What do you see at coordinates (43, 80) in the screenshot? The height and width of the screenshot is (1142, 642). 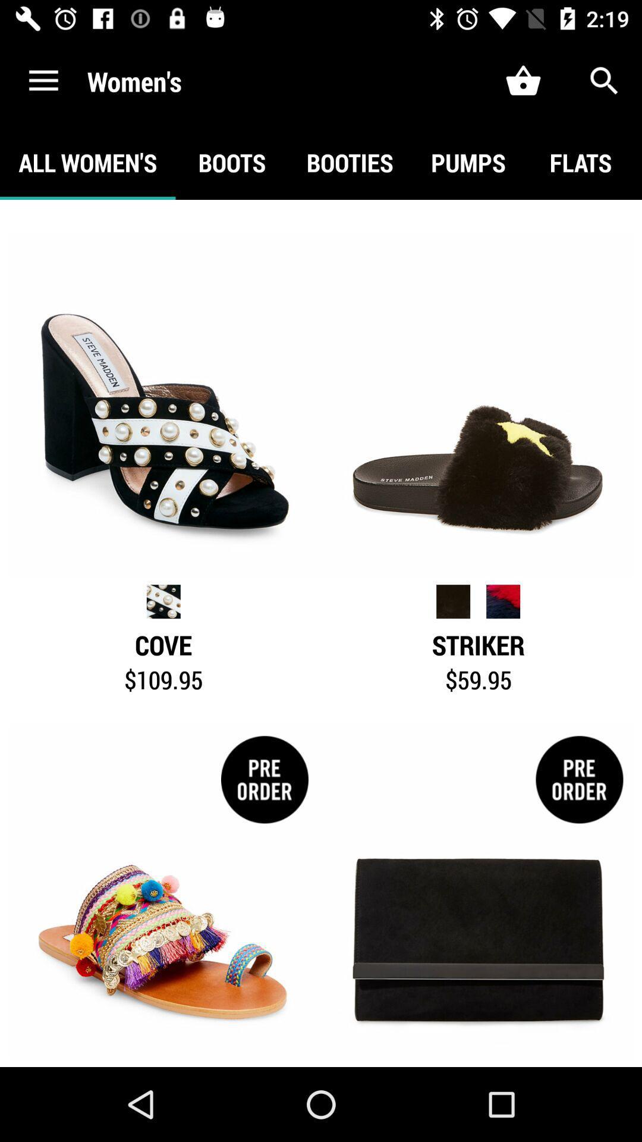 I see `the item next to women's item` at bounding box center [43, 80].